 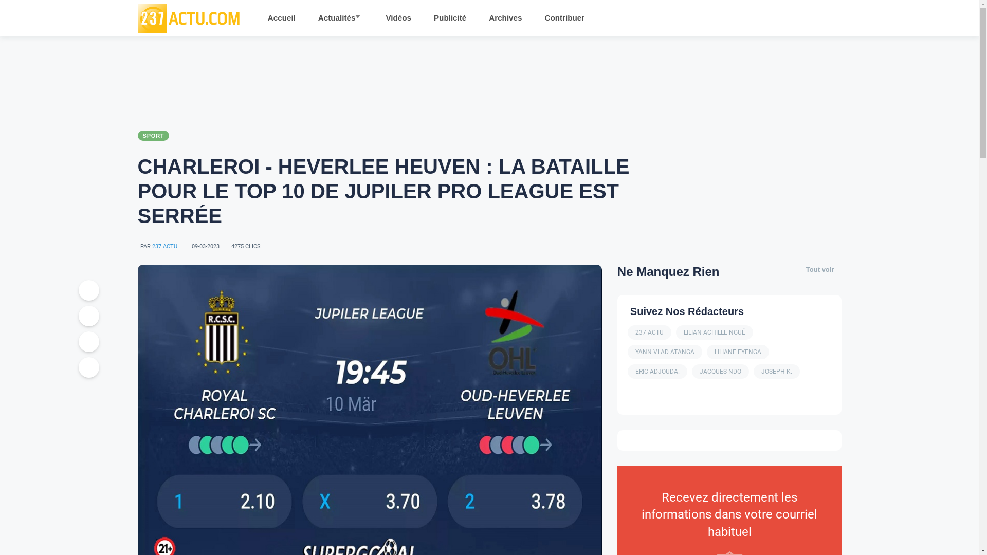 What do you see at coordinates (153, 135) in the screenshot?
I see `'SPORT'` at bounding box center [153, 135].